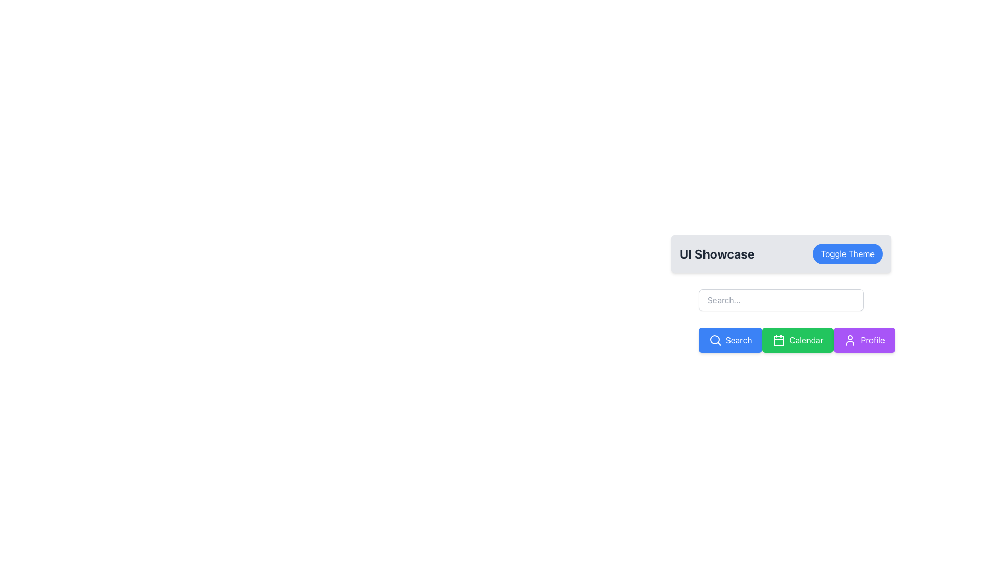 The width and height of the screenshot is (999, 562). I want to click on the navigation button located as the third button in a horizontal row at the bottom of the UI Showcase section, so click(864, 340).